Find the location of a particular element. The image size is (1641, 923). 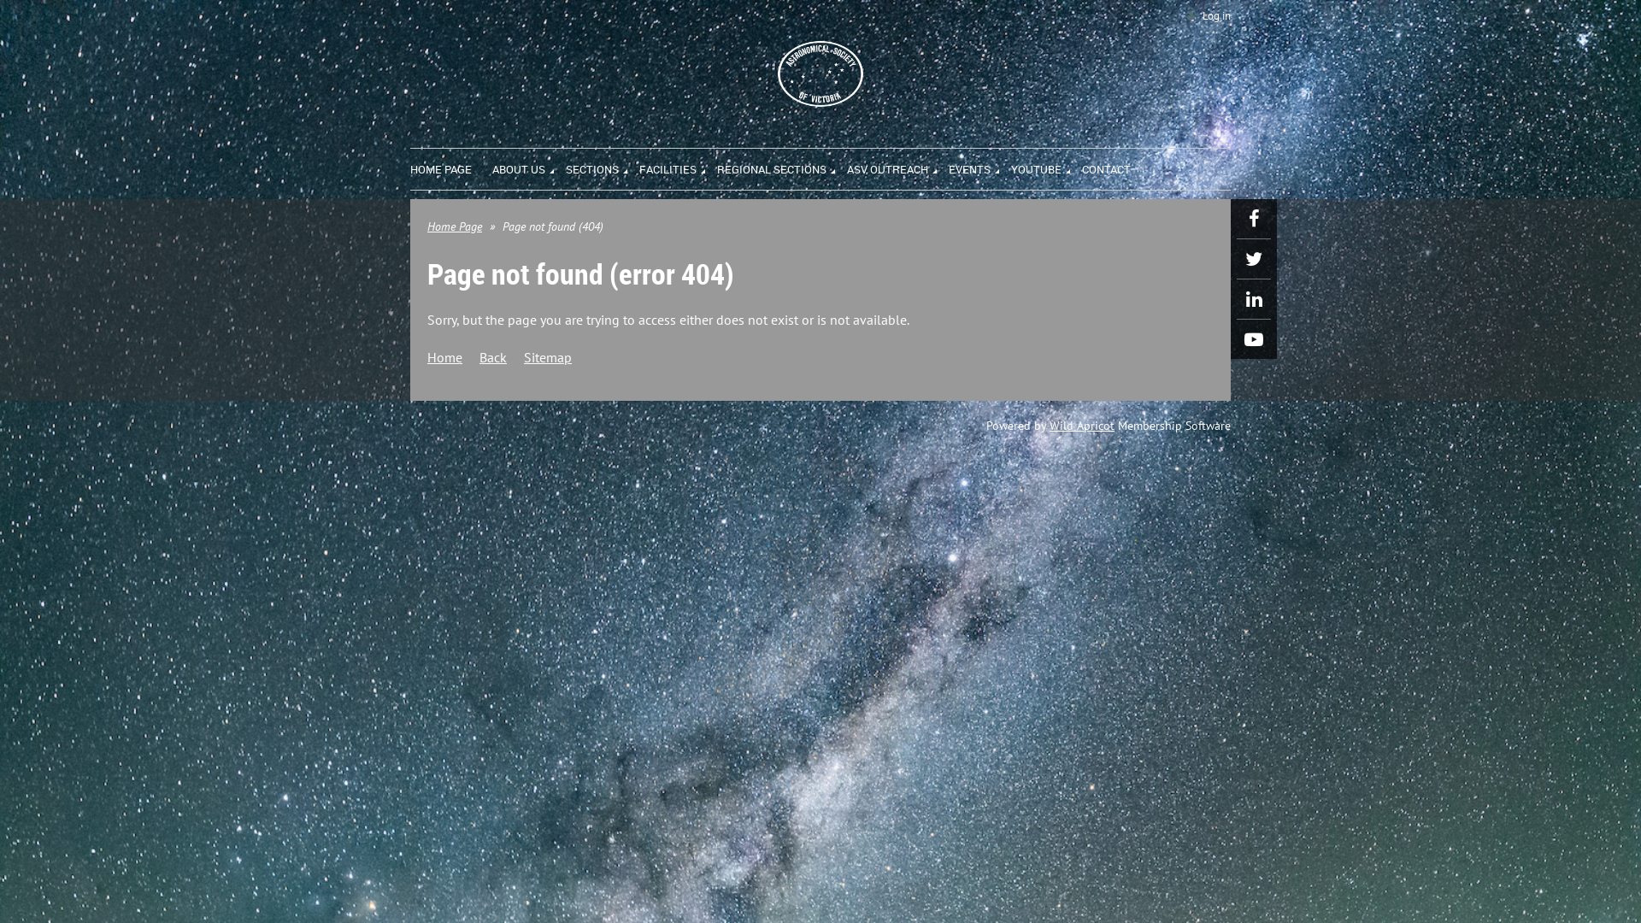

'ASV OUTREACH' is located at coordinates (846, 167).